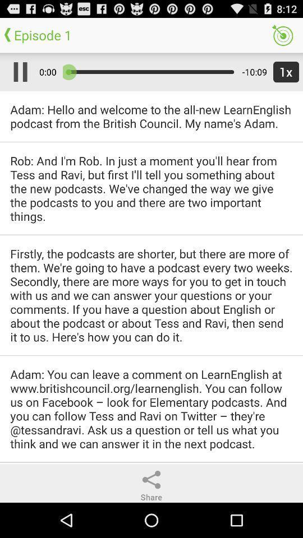  I want to click on share article, so click(151, 479).